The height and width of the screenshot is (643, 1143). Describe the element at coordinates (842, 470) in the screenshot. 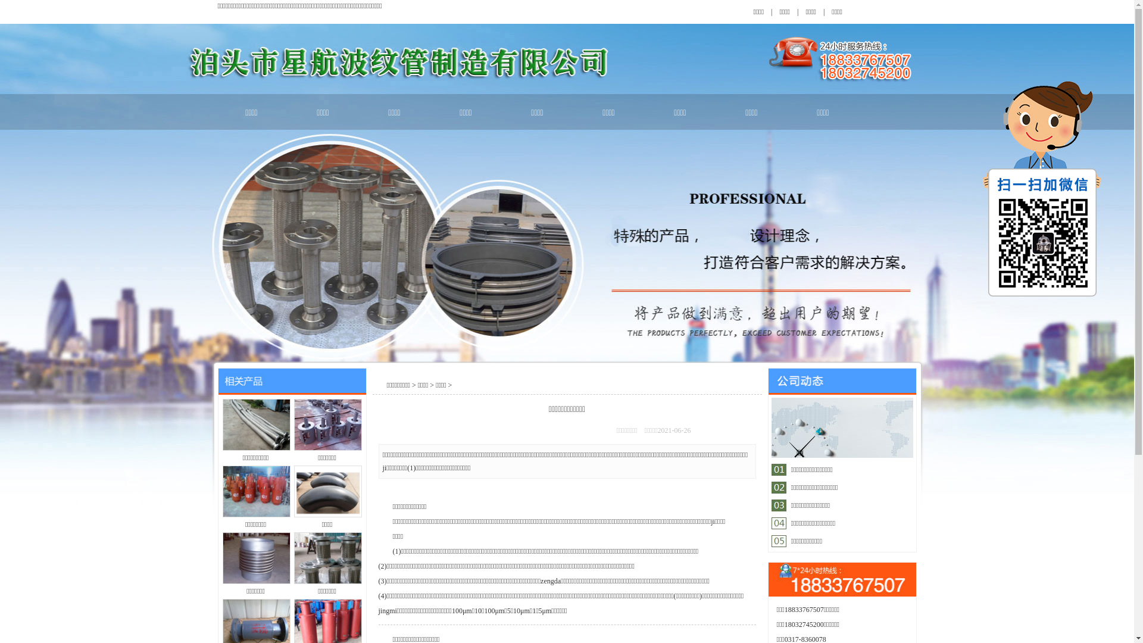

I see `'3'` at that location.